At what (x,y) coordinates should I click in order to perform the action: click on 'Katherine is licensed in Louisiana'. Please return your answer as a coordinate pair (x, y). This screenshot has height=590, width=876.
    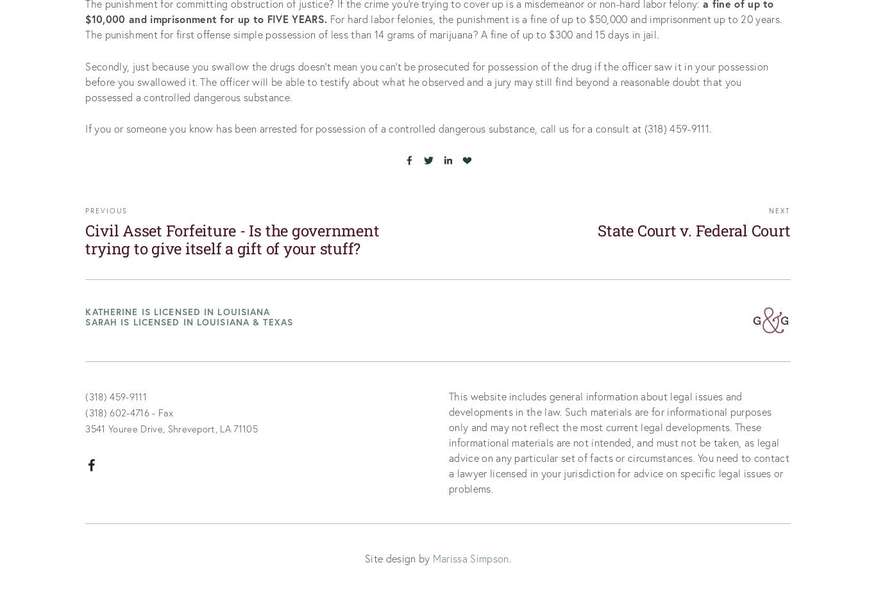
    Looking at the image, I should click on (85, 310).